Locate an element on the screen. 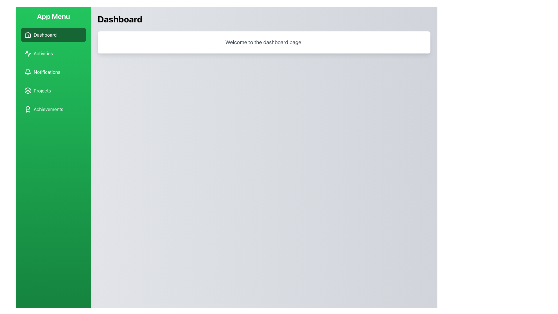  the welcoming message text display that indicates the user has arrived at the dashboard page, located centrally near the top of the main content area is located at coordinates (264, 42).